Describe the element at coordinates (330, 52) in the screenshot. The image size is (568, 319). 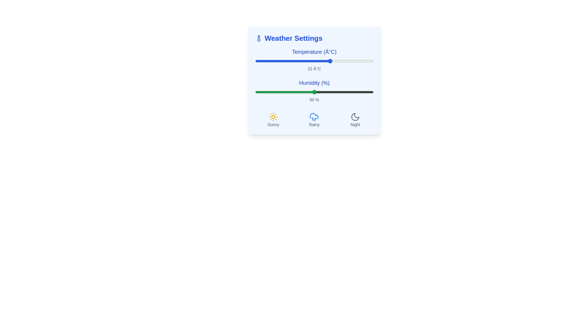
I see `the static text label indicating the unit of measurement for temperature, positioned immediately after the 'Temperature' label` at that location.